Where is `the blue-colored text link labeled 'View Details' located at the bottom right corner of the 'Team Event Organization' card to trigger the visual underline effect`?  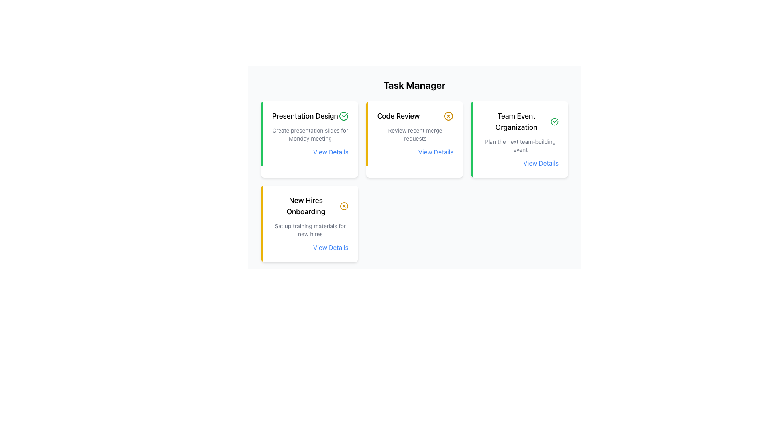 the blue-colored text link labeled 'View Details' located at the bottom right corner of the 'Team Event Organization' card to trigger the visual underline effect is located at coordinates (541, 162).